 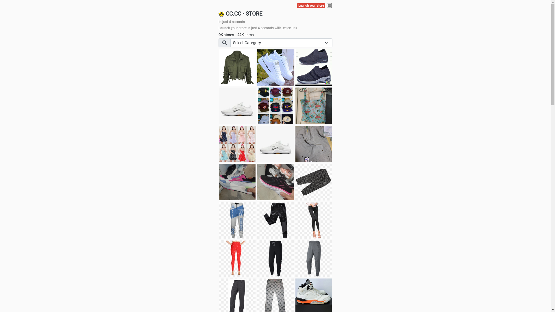 What do you see at coordinates (295, 67) in the screenshot?
I see `'shoes for boys'` at bounding box center [295, 67].